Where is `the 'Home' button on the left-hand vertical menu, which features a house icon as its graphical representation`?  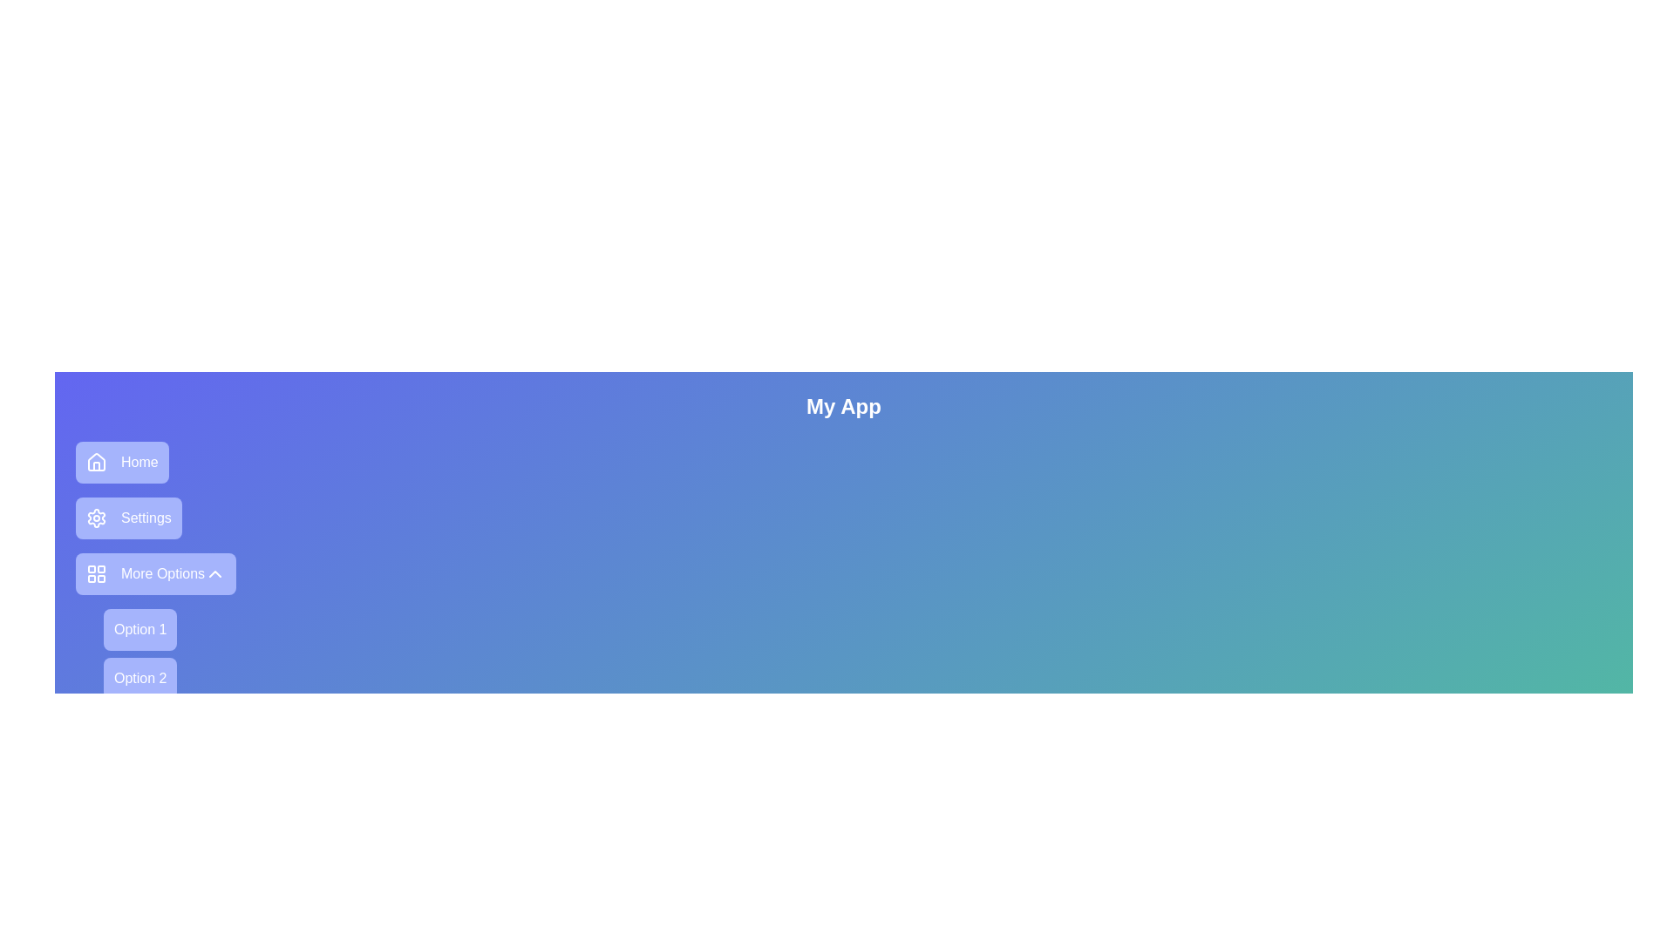 the 'Home' button on the left-hand vertical menu, which features a house icon as its graphical representation is located at coordinates (95, 460).